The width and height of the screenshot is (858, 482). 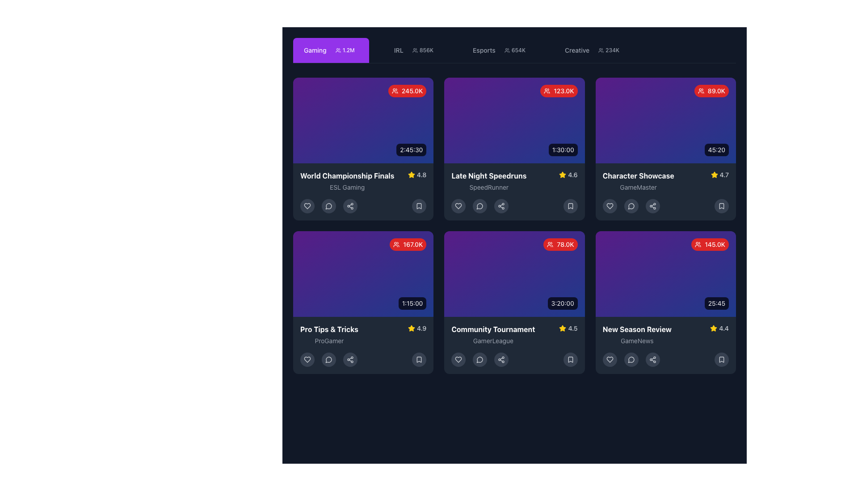 What do you see at coordinates (568, 328) in the screenshot?
I see `the Rating display located in the bottom right corner of the 'Community Tournament' card, just below the video content` at bounding box center [568, 328].